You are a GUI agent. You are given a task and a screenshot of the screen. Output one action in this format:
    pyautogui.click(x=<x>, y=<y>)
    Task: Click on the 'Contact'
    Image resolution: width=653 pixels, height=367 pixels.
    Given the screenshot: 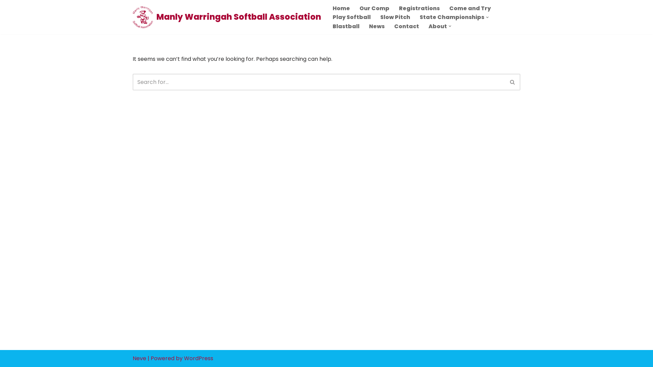 What is the action you would take?
    pyautogui.click(x=406, y=26)
    